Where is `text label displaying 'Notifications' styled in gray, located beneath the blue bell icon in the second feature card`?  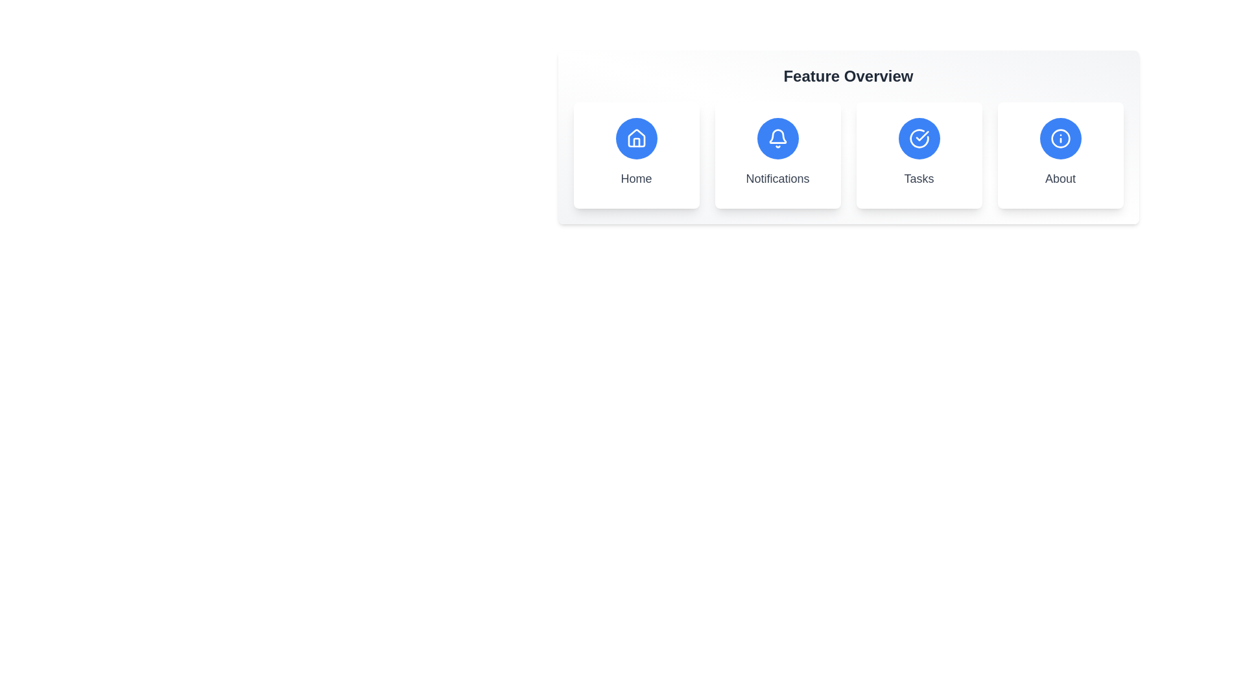 text label displaying 'Notifications' styled in gray, located beneath the blue bell icon in the second feature card is located at coordinates (777, 179).